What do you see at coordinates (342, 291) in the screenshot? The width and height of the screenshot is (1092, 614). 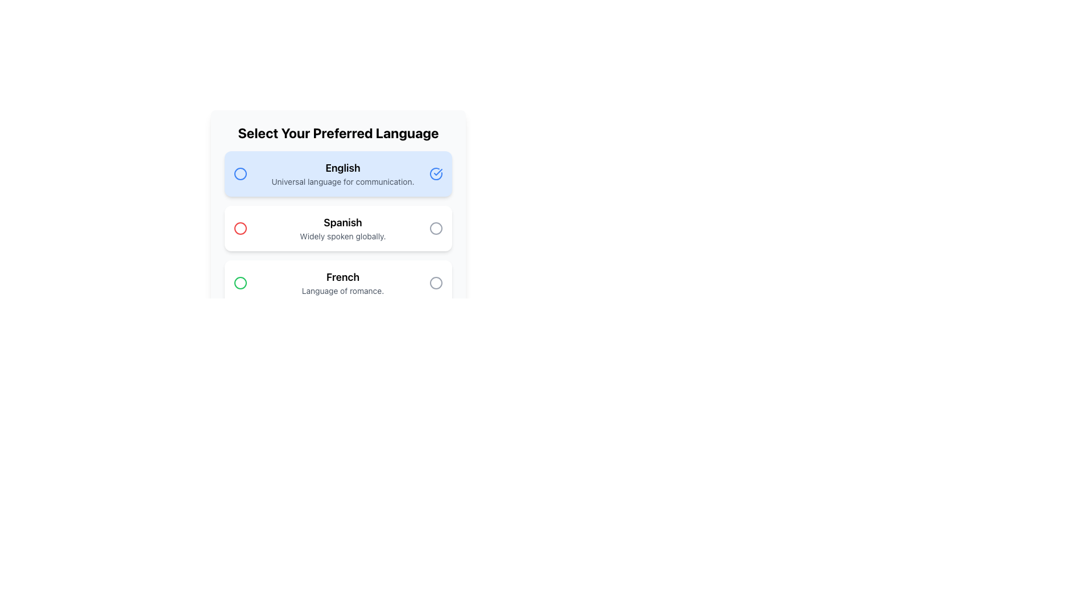 I see `the text label displaying 'Language of romance', which is styled in gray and located directly below the bold text 'French'` at bounding box center [342, 291].